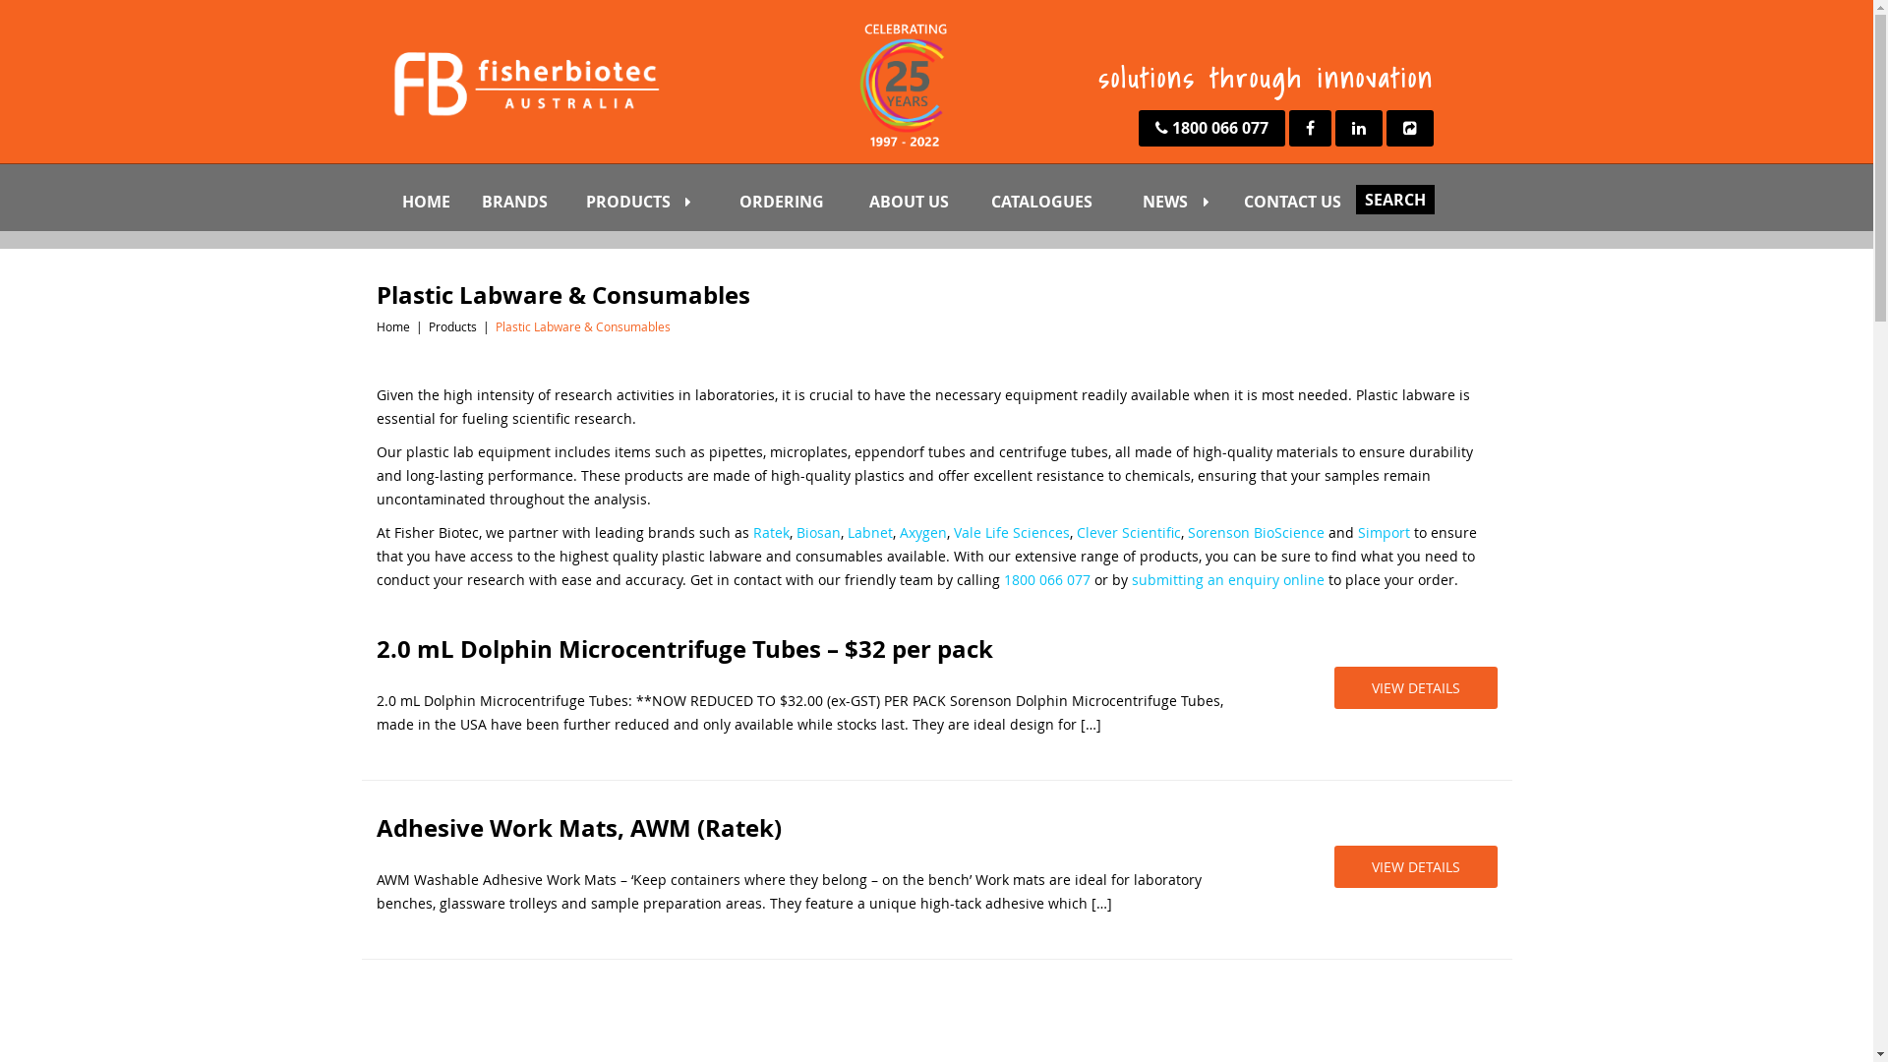 This screenshot has width=1888, height=1062. I want to click on 'Our Linked In page', so click(1358, 128).